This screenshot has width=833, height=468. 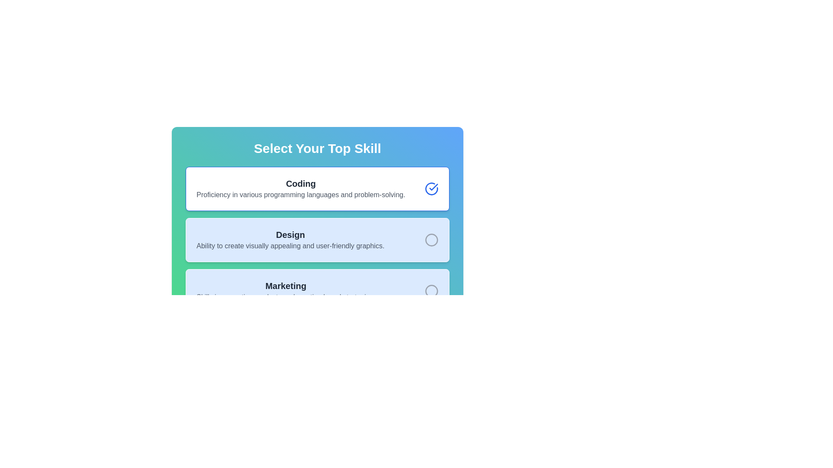 I want to click on the checkmark graphic in the upper-right corner of the 'Coding' option card, which provides feedback or confirmation of selection, so click(x=431, y=188).